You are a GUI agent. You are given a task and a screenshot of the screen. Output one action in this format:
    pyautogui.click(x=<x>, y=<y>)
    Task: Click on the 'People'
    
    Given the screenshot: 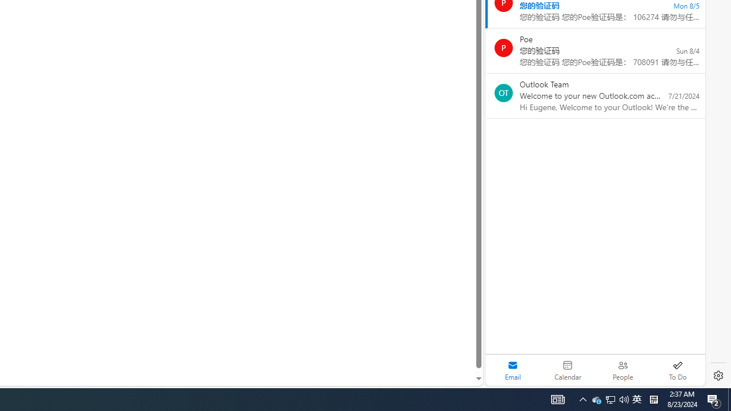 What is the action you would take?
    pyautogui.click(x=622, y=370)
    